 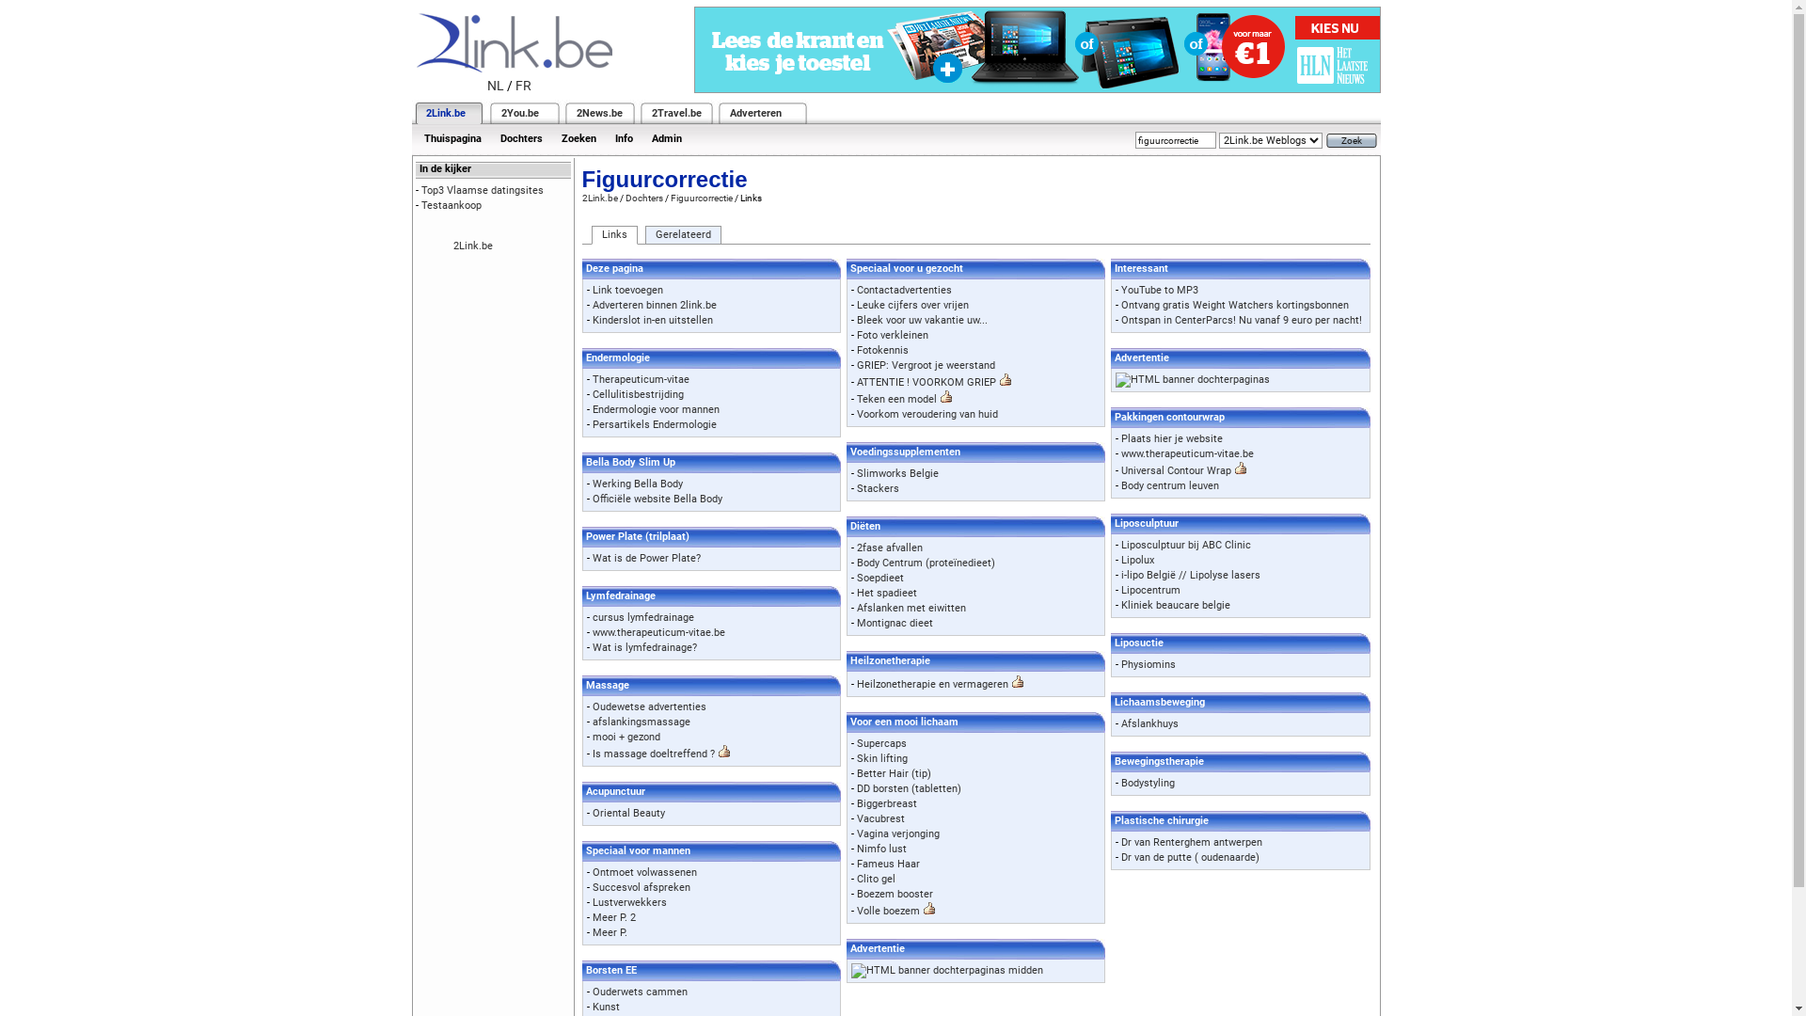 I want to click on 'Vacubrest', so click(x=879, y=818).